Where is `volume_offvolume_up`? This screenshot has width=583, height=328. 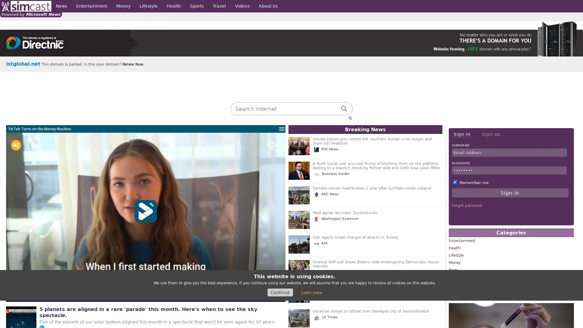 volume_offvolume_up is located at coordinates (16, 145).